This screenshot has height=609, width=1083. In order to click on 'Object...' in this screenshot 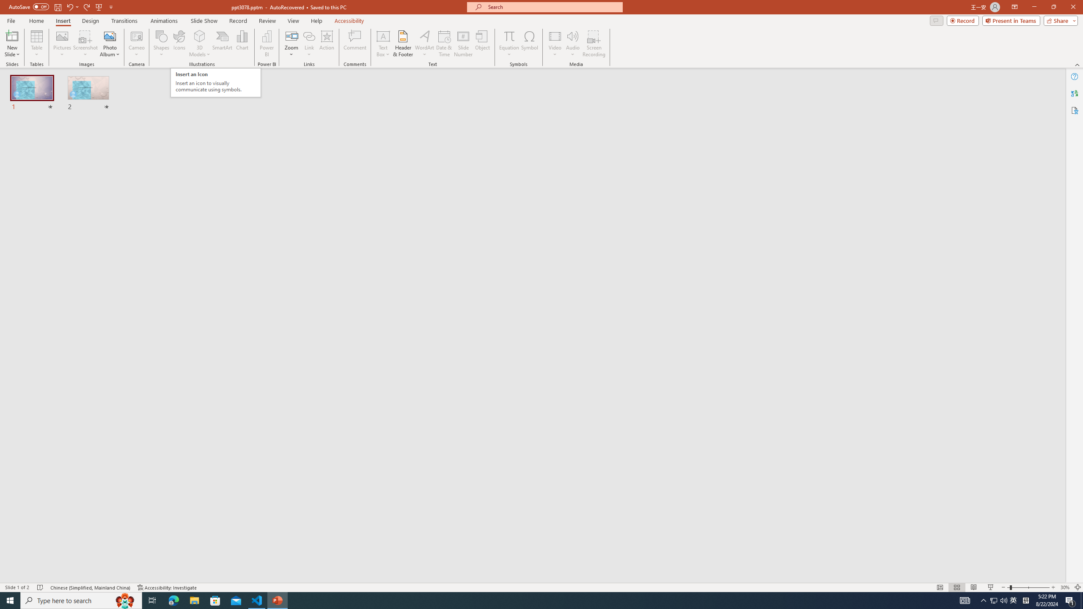, I will do `click(483, 44)`.